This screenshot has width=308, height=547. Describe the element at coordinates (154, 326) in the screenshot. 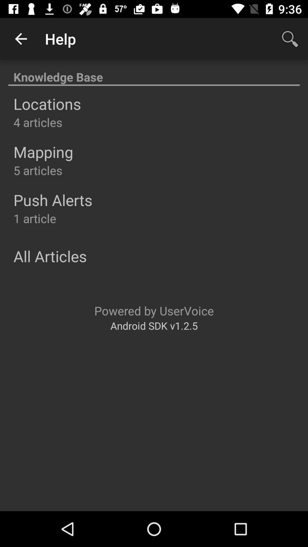

I see `icon below powered by uservoice icon` at that location.